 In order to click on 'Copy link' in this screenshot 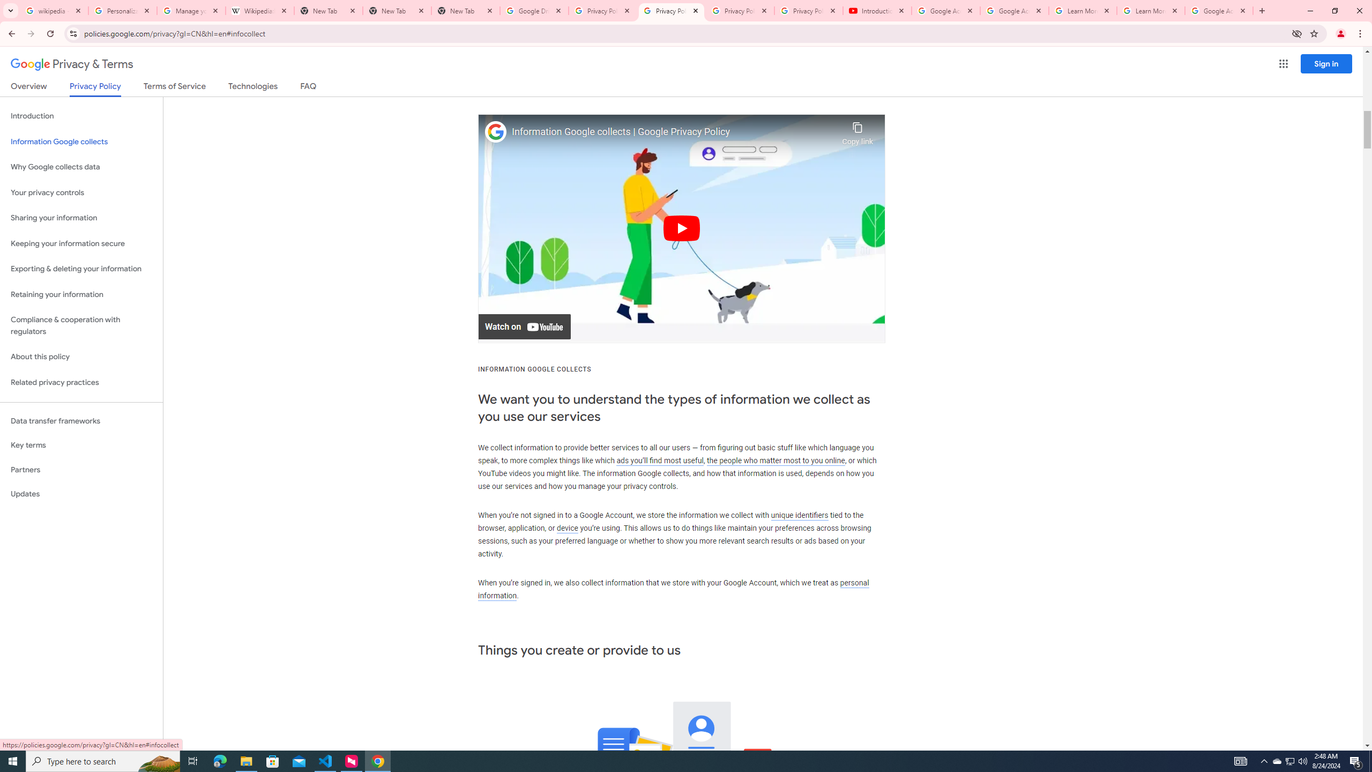, I will do `click(857, 131)`.